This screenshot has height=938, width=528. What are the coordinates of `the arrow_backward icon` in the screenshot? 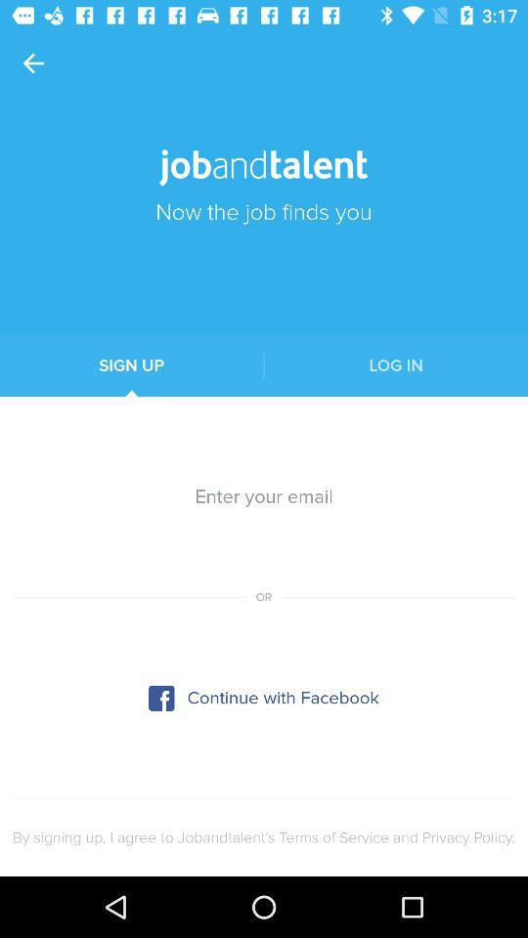 It's located at (32, 64).